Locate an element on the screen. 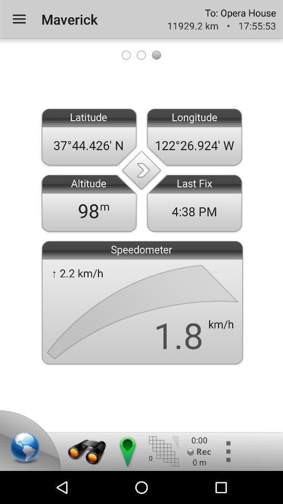  click on earth is located at coordinates (27, 448).